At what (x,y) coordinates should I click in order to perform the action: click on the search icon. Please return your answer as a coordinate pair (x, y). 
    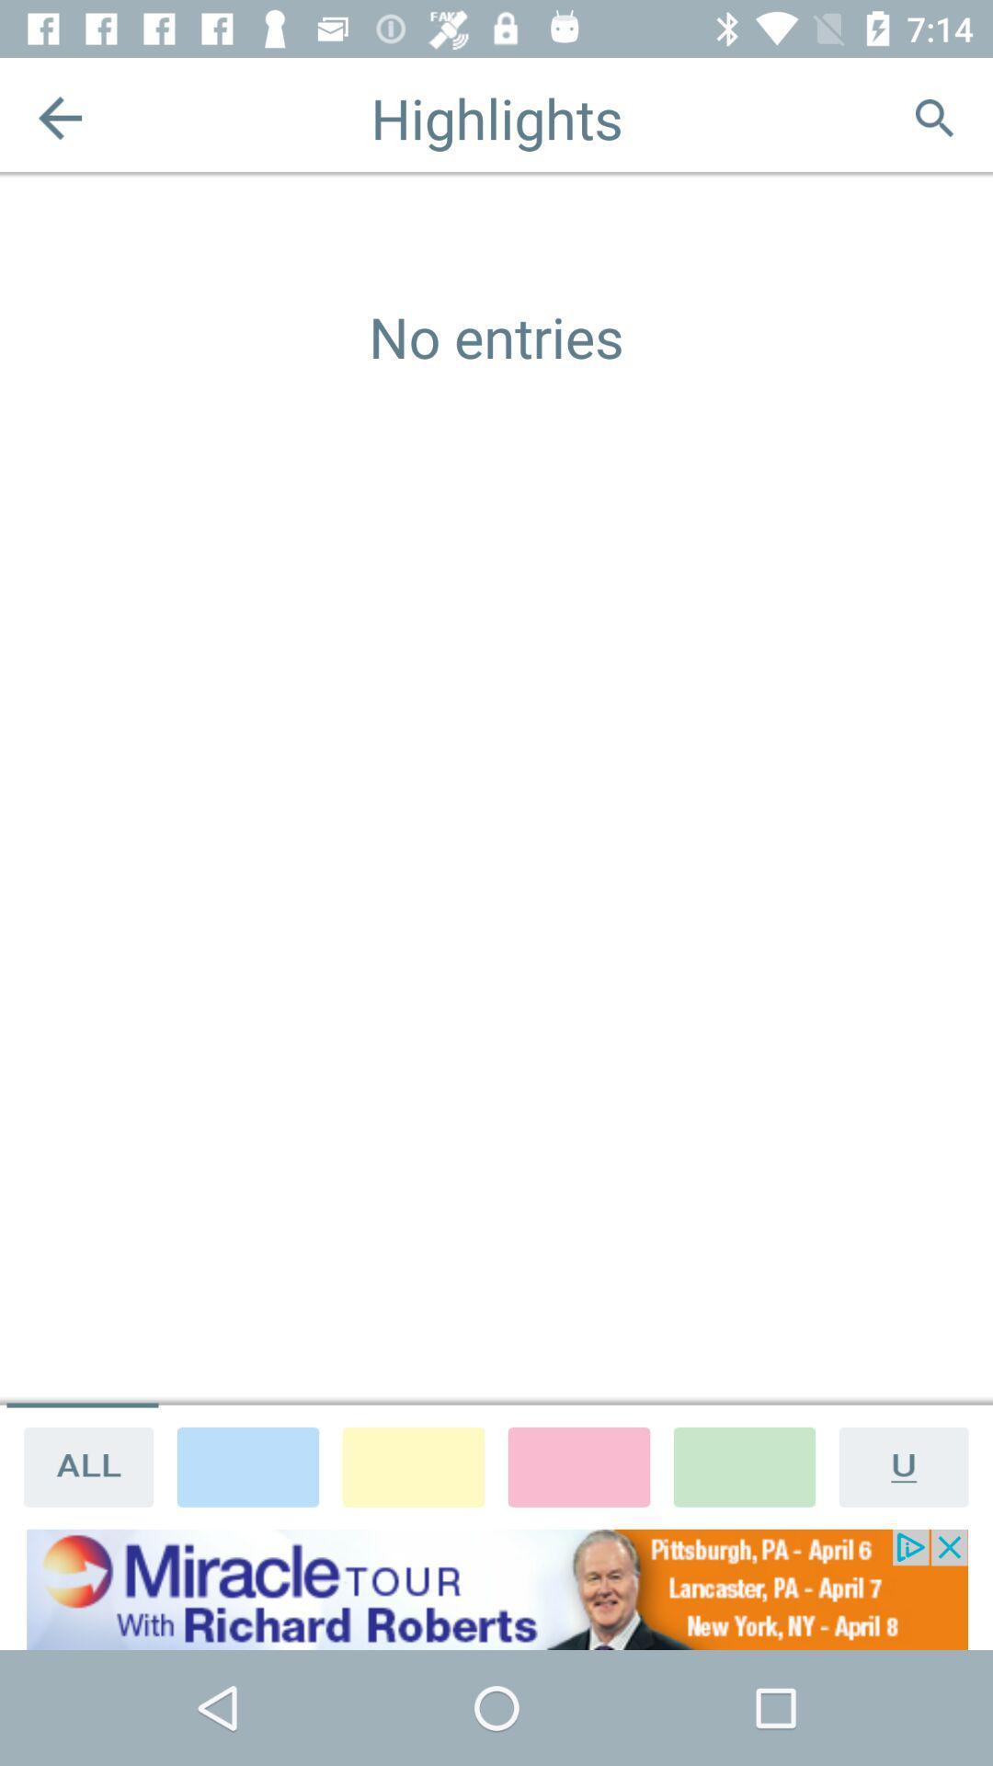
    Looking at the image, I should click on (933, 117).